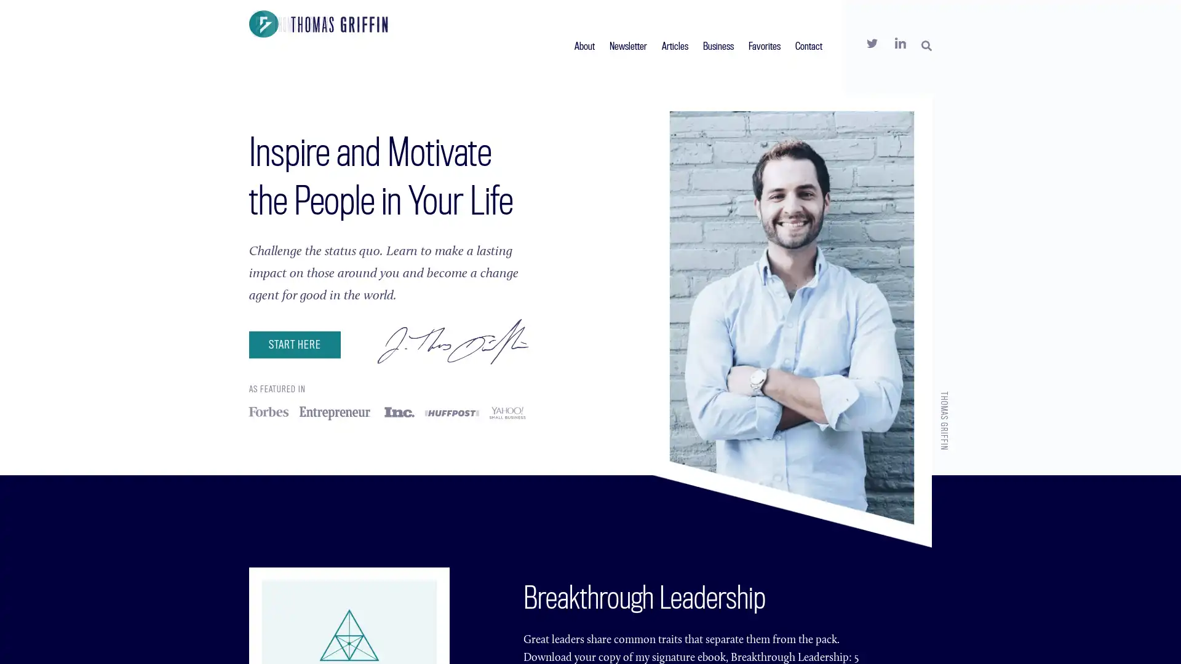 This screenshot has height=664, width=1181. What do you see at coordinates (926, 45) in the screenshot?
I see `SEARCH` at bounding box center [926, 45].